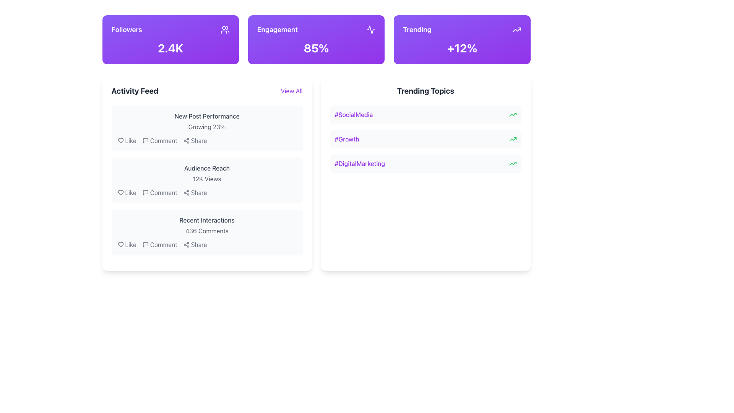  Describe the element at coordinates (127, 140) in the screenshot. I see `the 'Like' button located below the 'New Post Performance' section in the 'Activity Feed' to express approval of the associated content` at that location.